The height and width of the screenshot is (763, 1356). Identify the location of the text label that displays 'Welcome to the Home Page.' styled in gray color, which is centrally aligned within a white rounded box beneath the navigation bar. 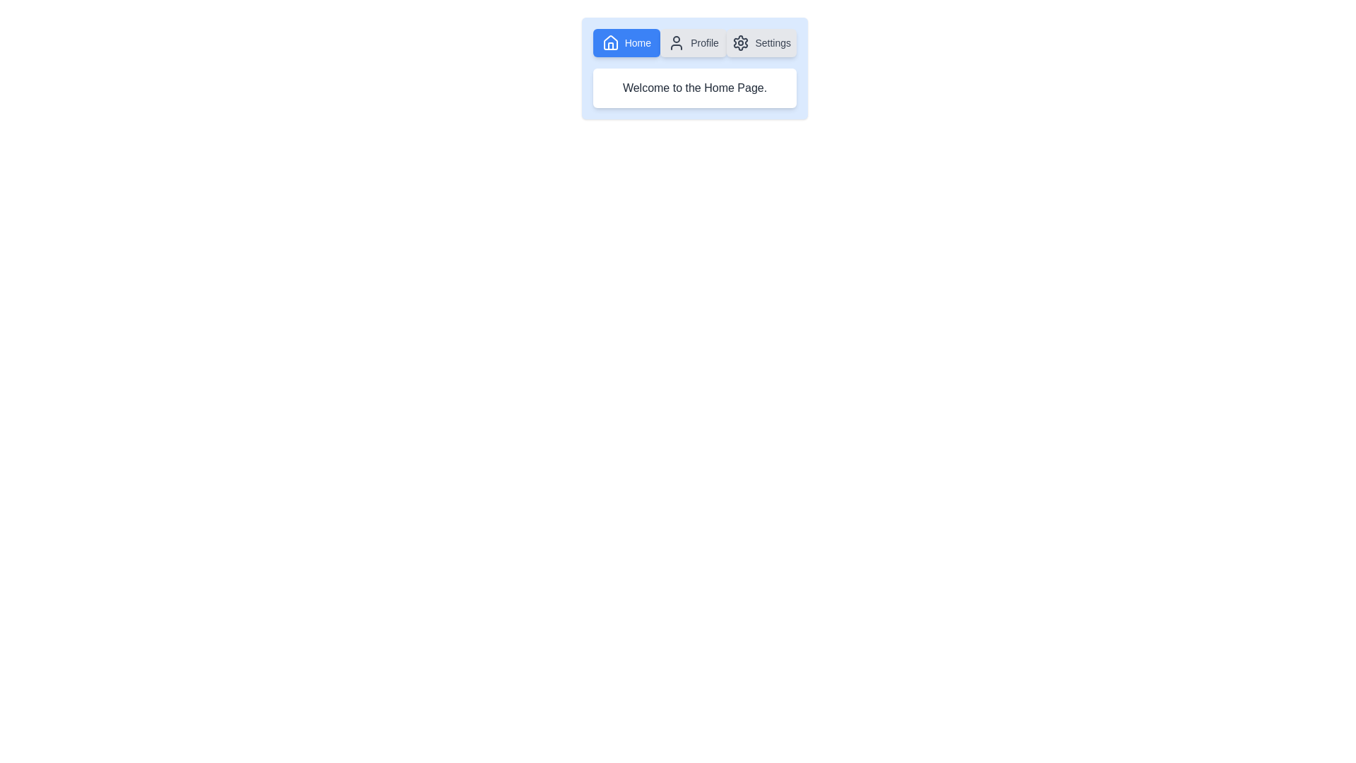
(694, 88).